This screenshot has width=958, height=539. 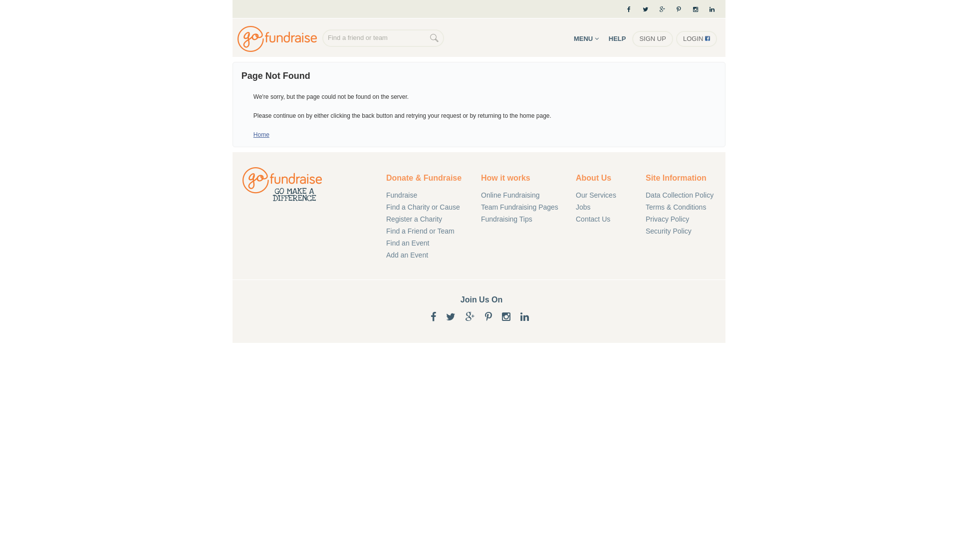 What do you see at coordinates (426, 243) in the screenshot?
I see `'Find an Event'` at bounding box center [426, 243].